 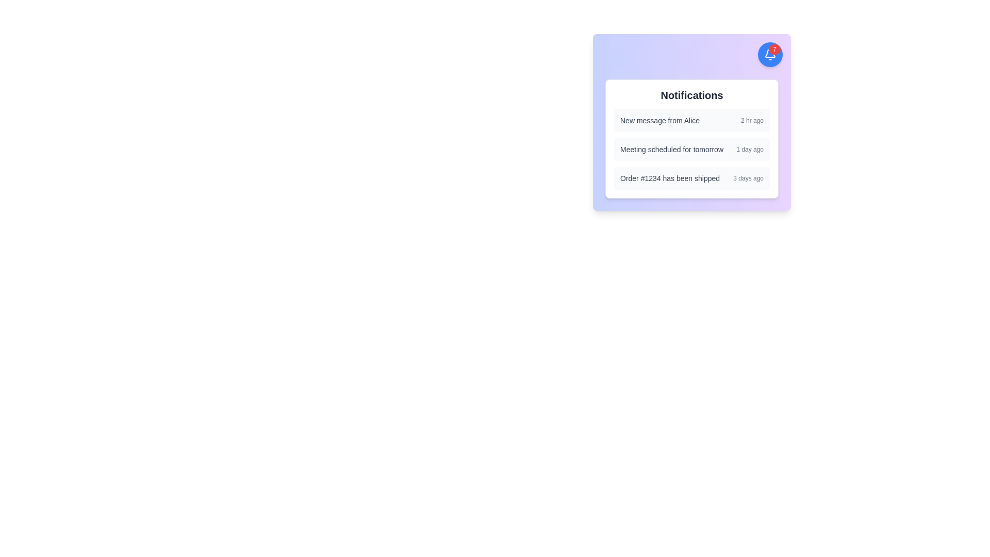 I want to click on the first notification card, so click(x=692, y=120).